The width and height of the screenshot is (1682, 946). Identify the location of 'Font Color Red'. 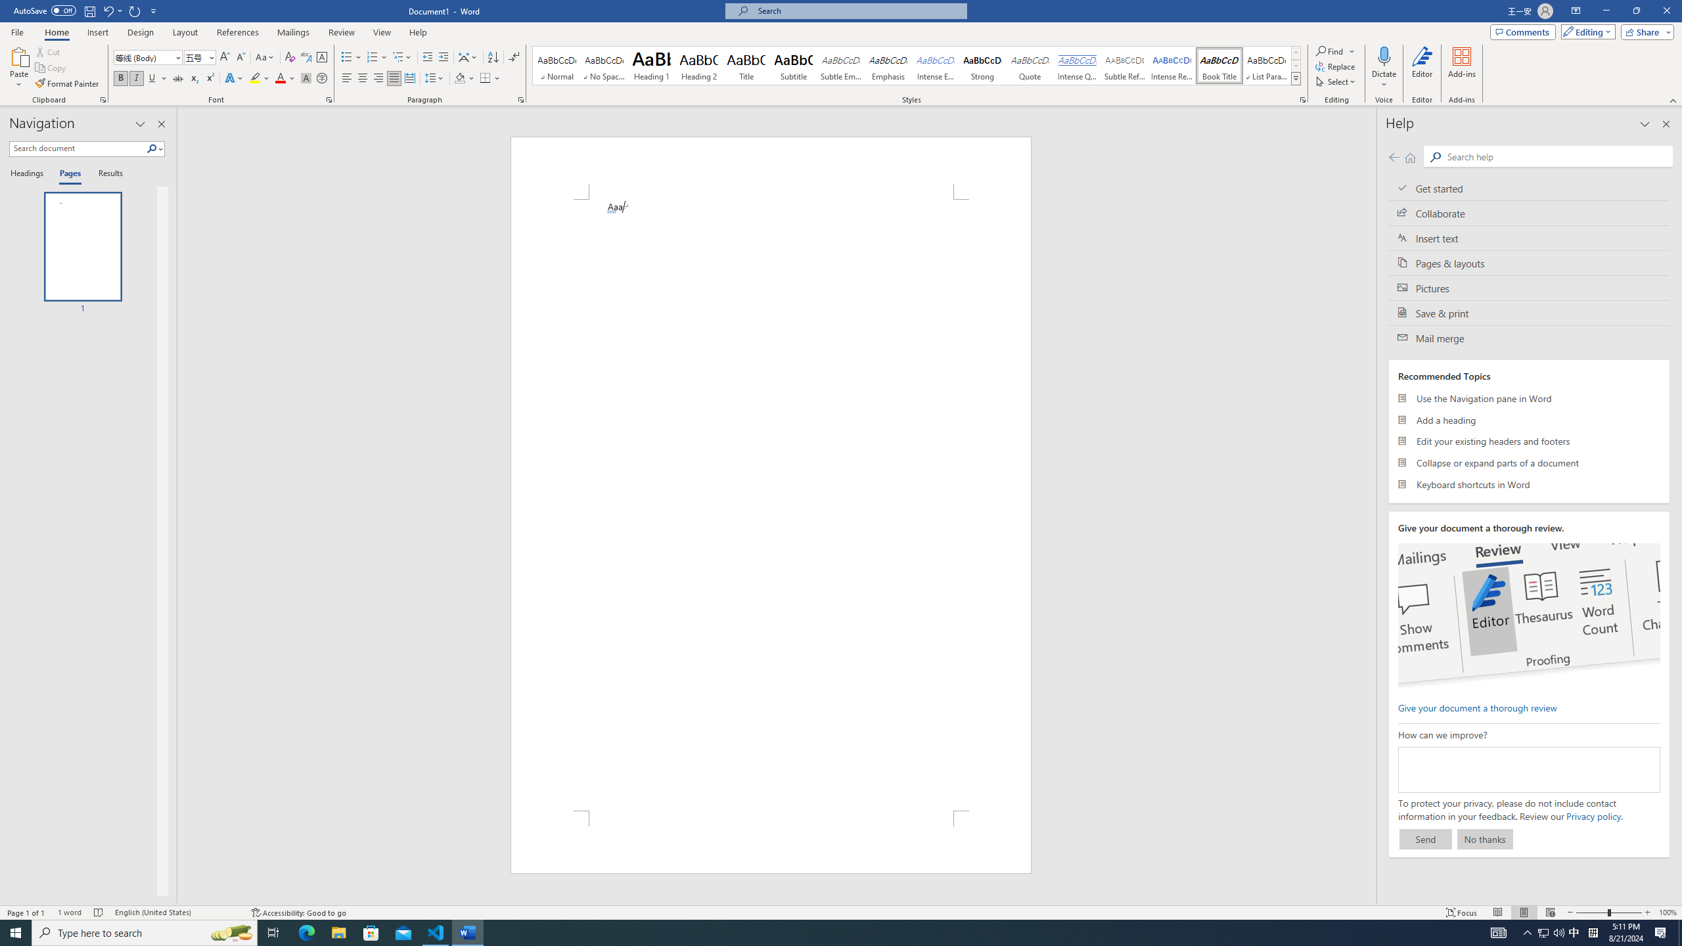
(279, 78).